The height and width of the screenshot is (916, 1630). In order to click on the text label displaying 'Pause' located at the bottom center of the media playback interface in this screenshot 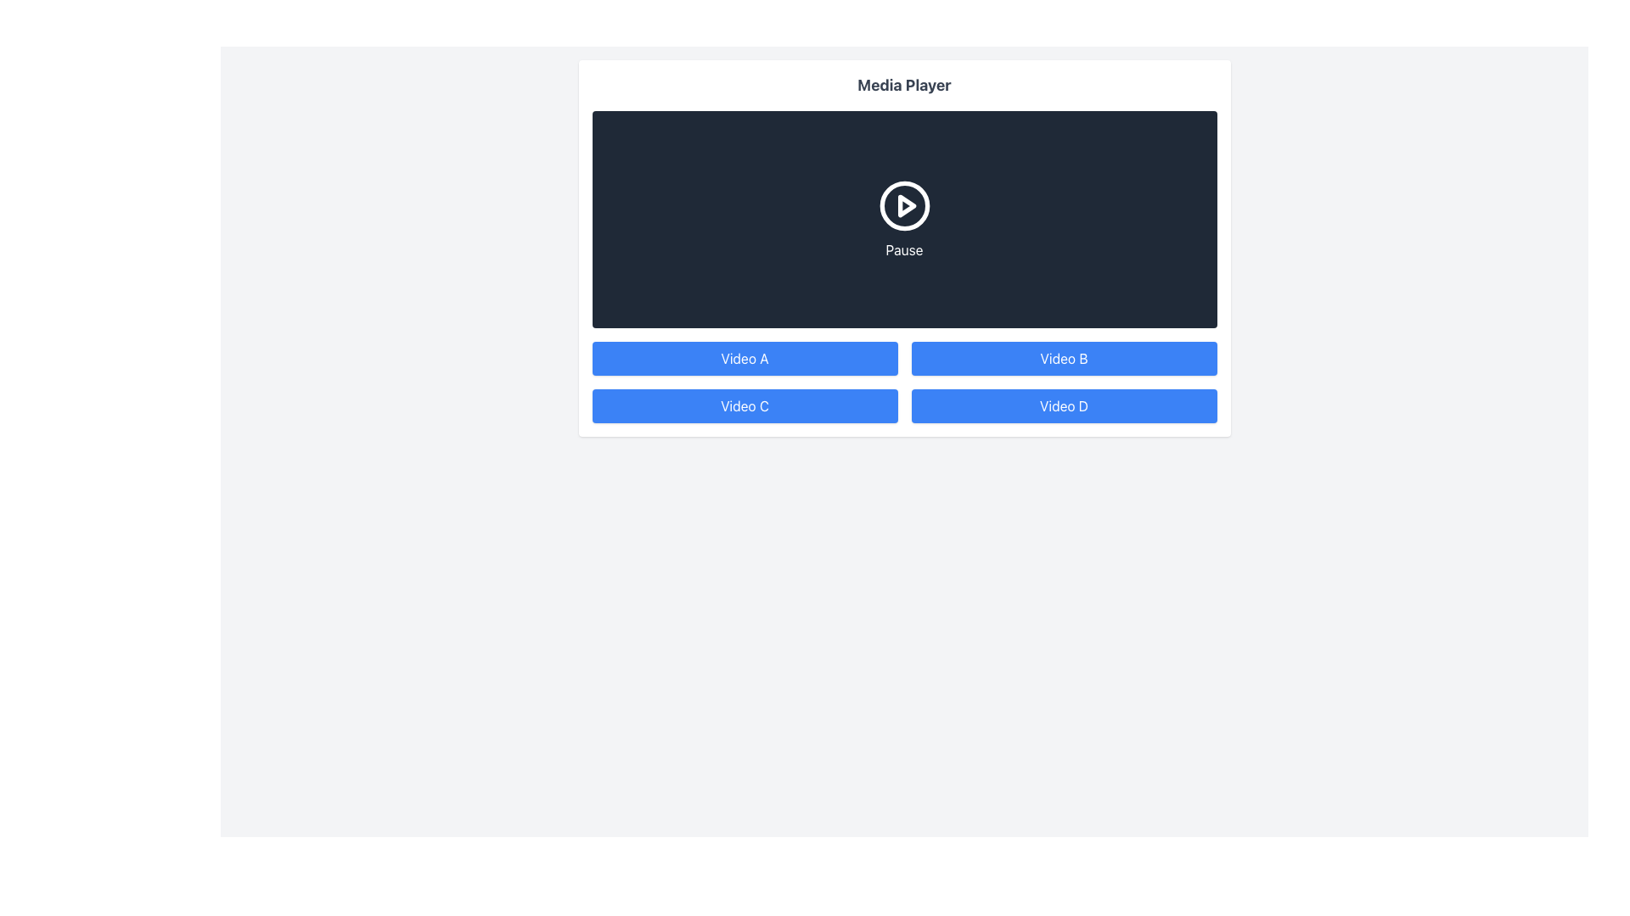, I will do `click(903, 249)`.